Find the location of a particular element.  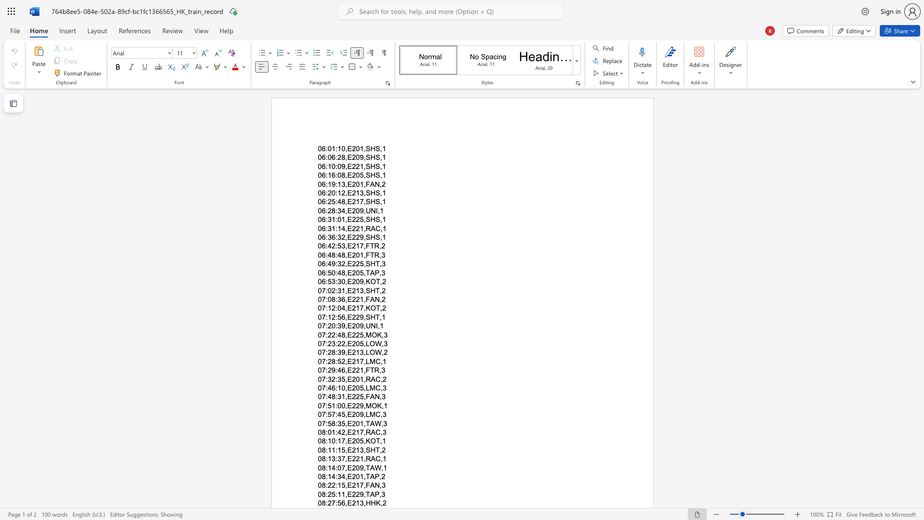

the space between the continuous character "E" and "2" in the text is located at coordinates (351, 264).